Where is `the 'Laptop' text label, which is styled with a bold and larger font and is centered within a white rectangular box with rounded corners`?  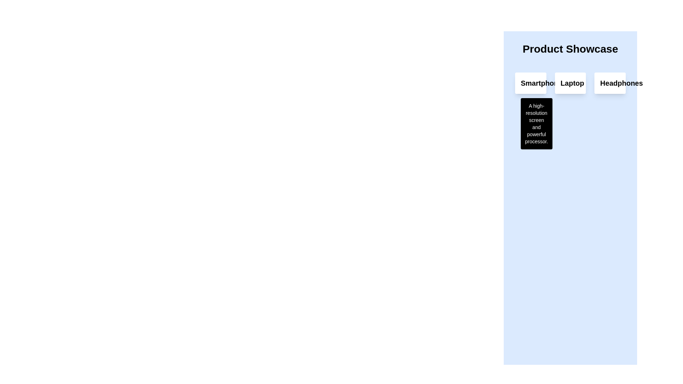 the 'Laptop' text label, which is styled with a bold and larger font and is centered within a white rectangular box with rounded corners is located at coordinates (570, 83).